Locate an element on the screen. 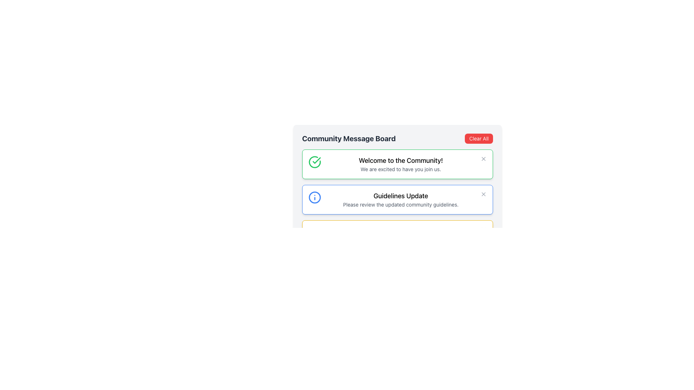 The height and width of the screenshot is (390, 694). the static text element reading 'We are excited to have you join us.' which is styled with a smaller font size and gray color, located directly below the heading 'Welcome to the Community!' within a notification card is located at coordinates (400, 169).